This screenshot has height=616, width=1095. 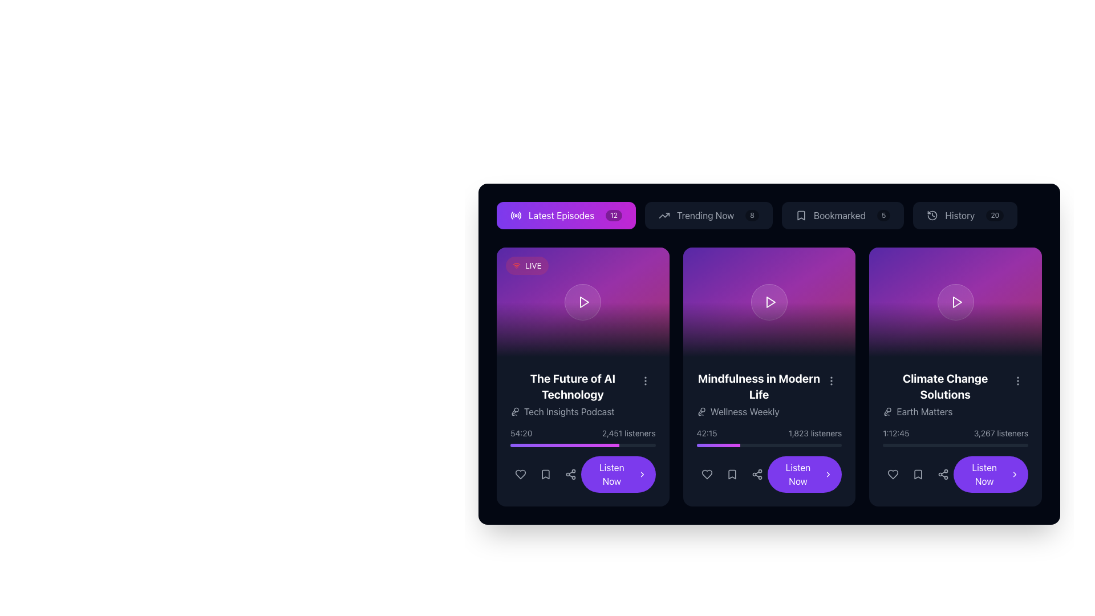 I want to click on the circular share button with a sharing icon located at the bottom of the central card to initiate the sharing action, so click(x=757, y=475).